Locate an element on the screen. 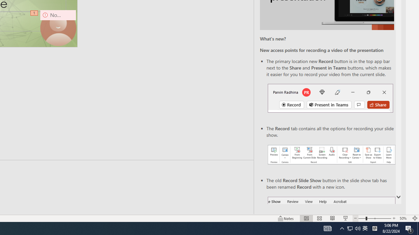 The height and width of the screenshot is (235, 419). 'Record your presentations screenshot one' is located at coordinates (332, 155).